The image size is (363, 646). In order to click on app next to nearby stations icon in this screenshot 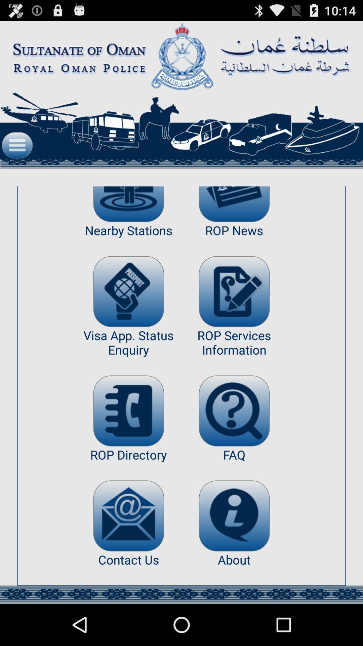, I will do `click(234, 291)`.